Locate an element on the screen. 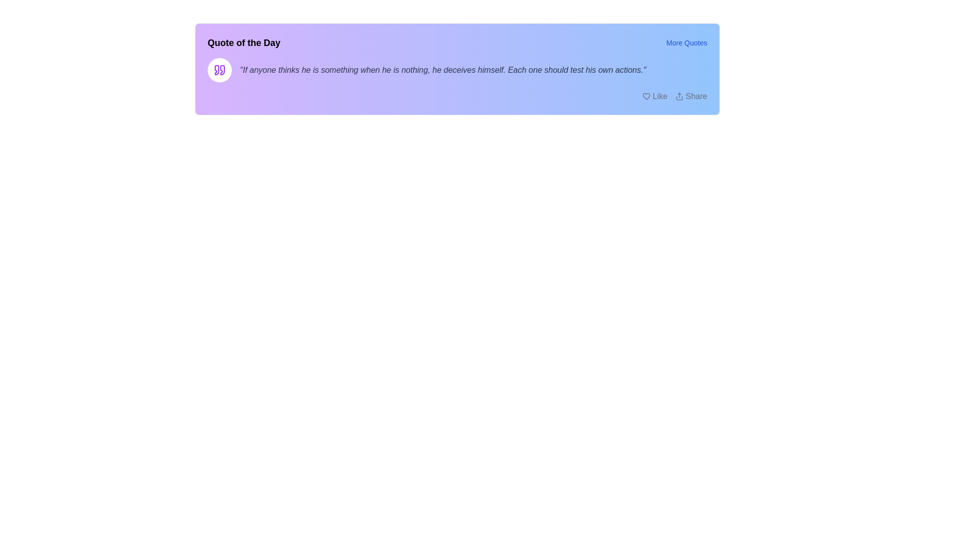 Image resolution: width=970 pixels, height=546 pixels. the label indicating a liking action, which is positioned after the heart icon and before the 'Share' button is located at coordinates (660, 97).